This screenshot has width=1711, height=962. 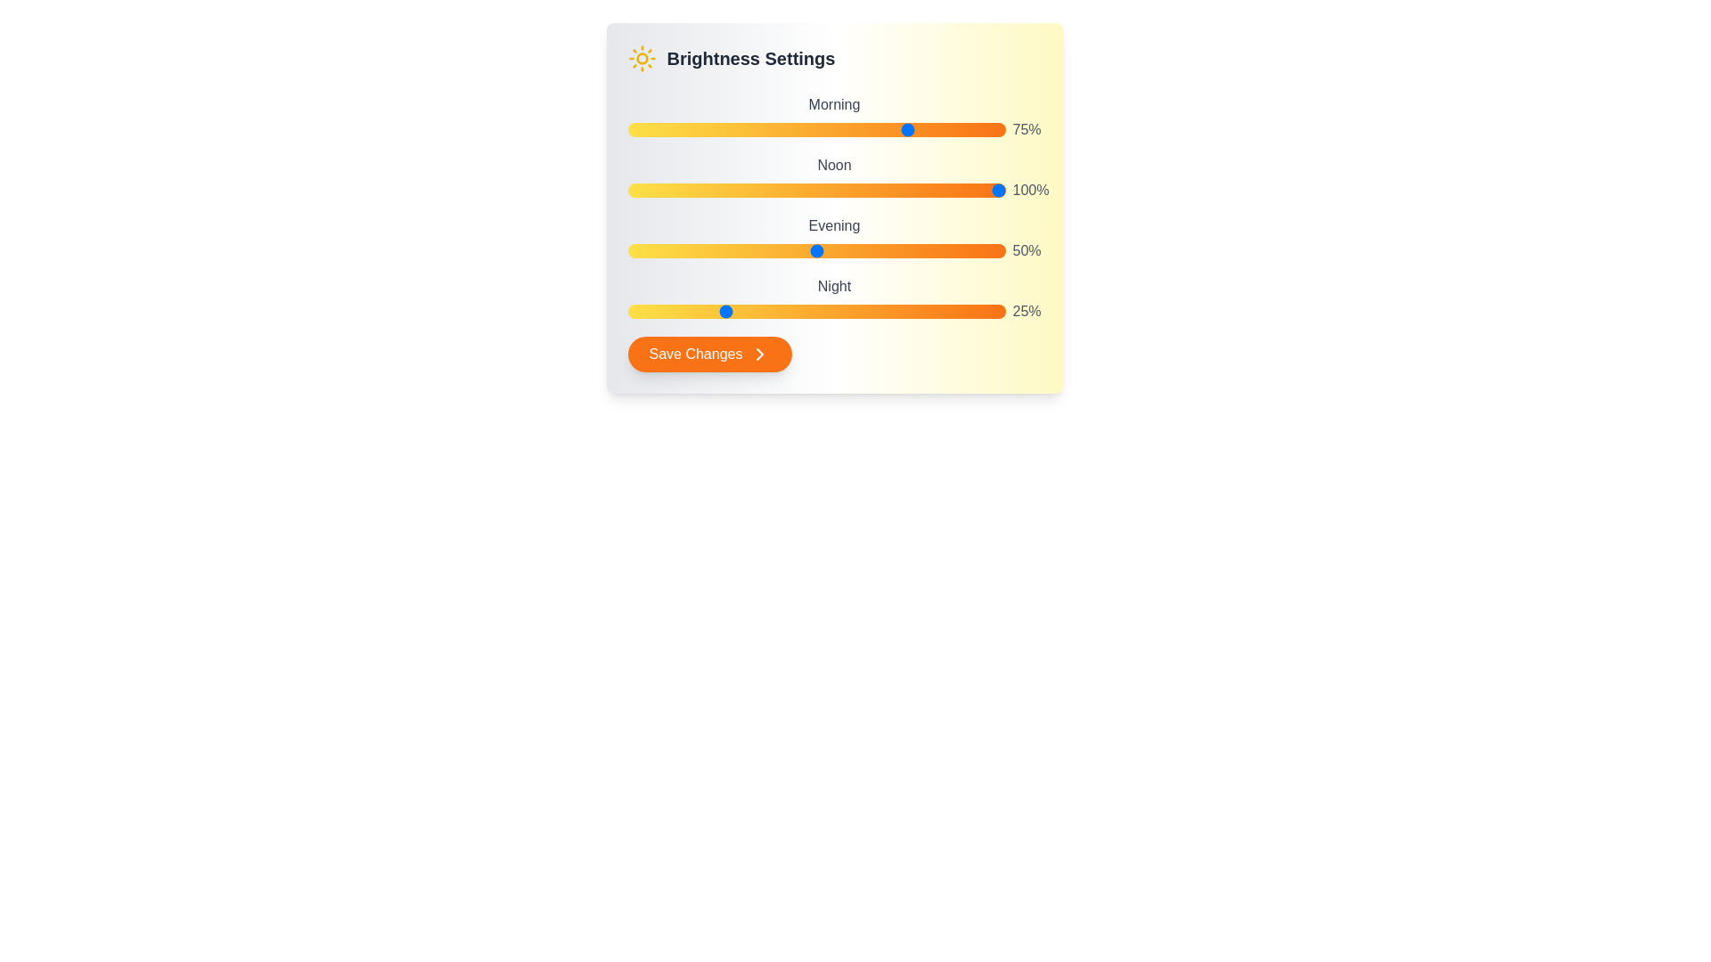 I want to click on the 'Save Changes' button to trigger its hover effect, so click(x=708, y=354).